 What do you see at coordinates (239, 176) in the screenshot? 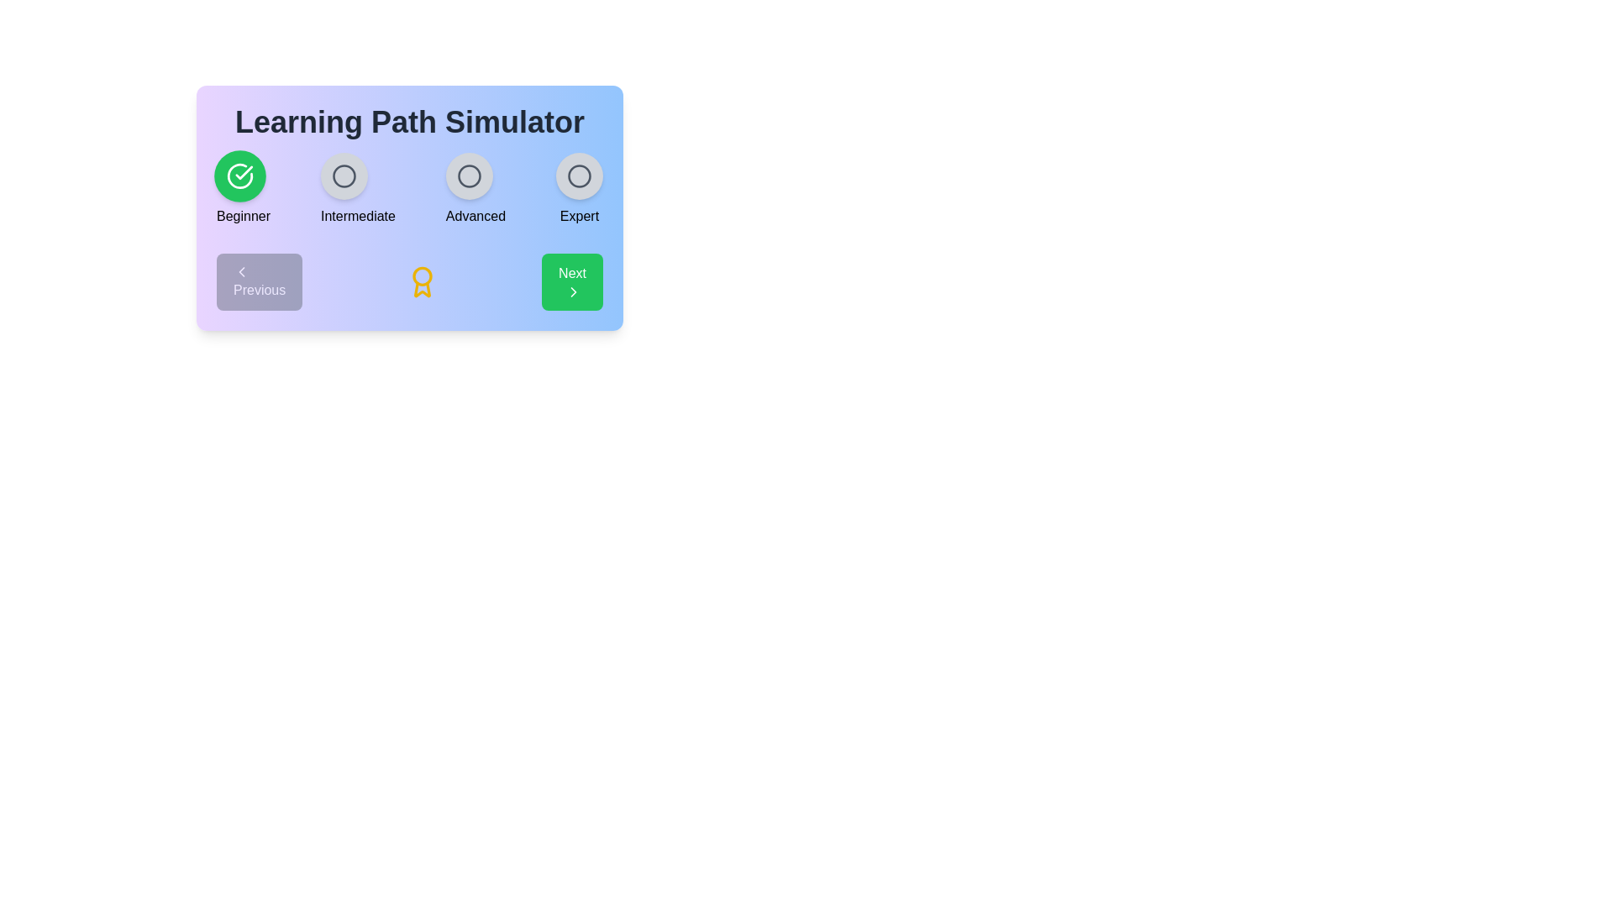
I see `the circular icon graphic that indicates the selection of the 'Beginner' option in the top-left region of the user interface` at bounding box center [239, 176].